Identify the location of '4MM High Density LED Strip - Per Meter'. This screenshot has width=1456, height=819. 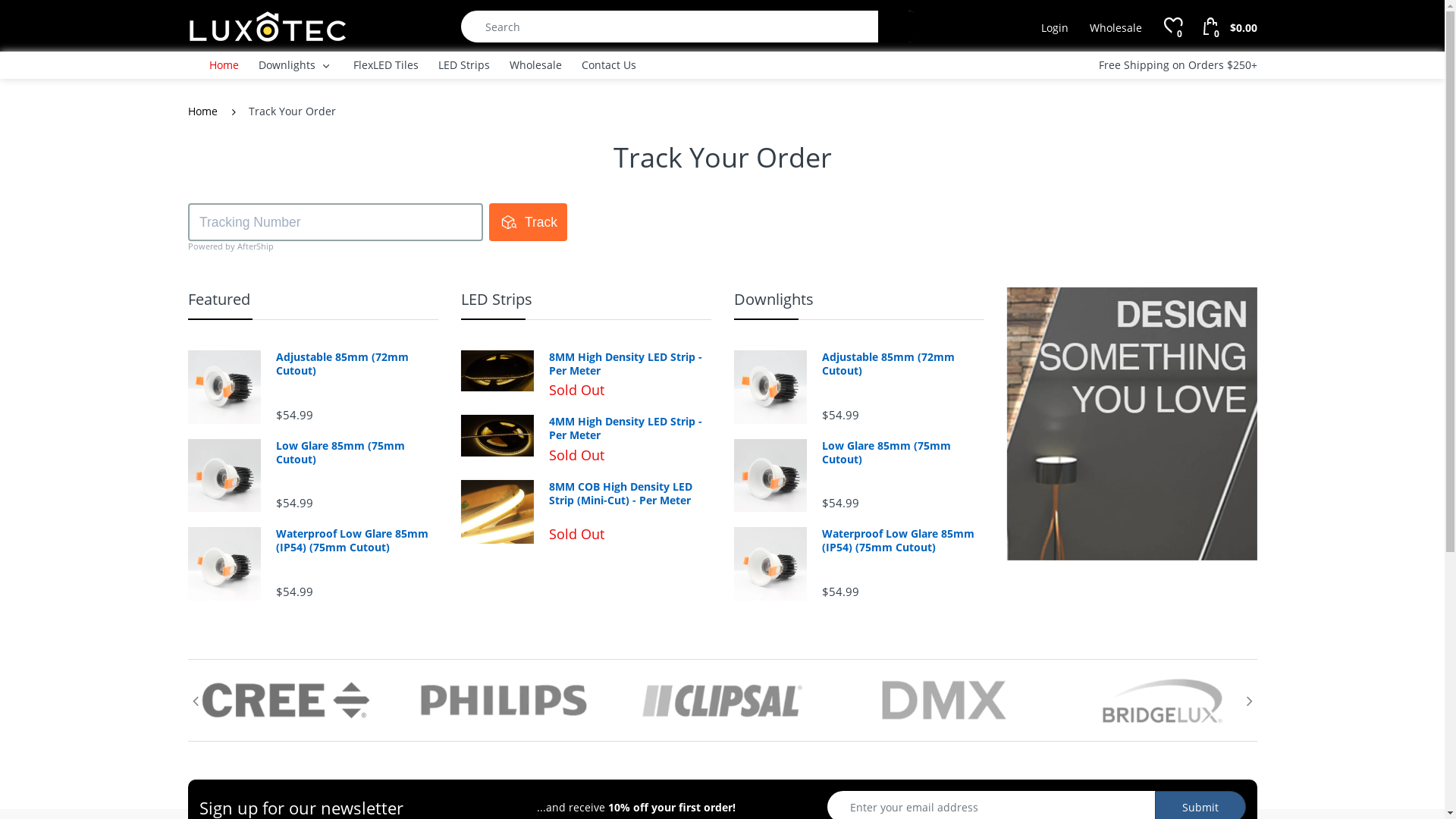
(548, 428).